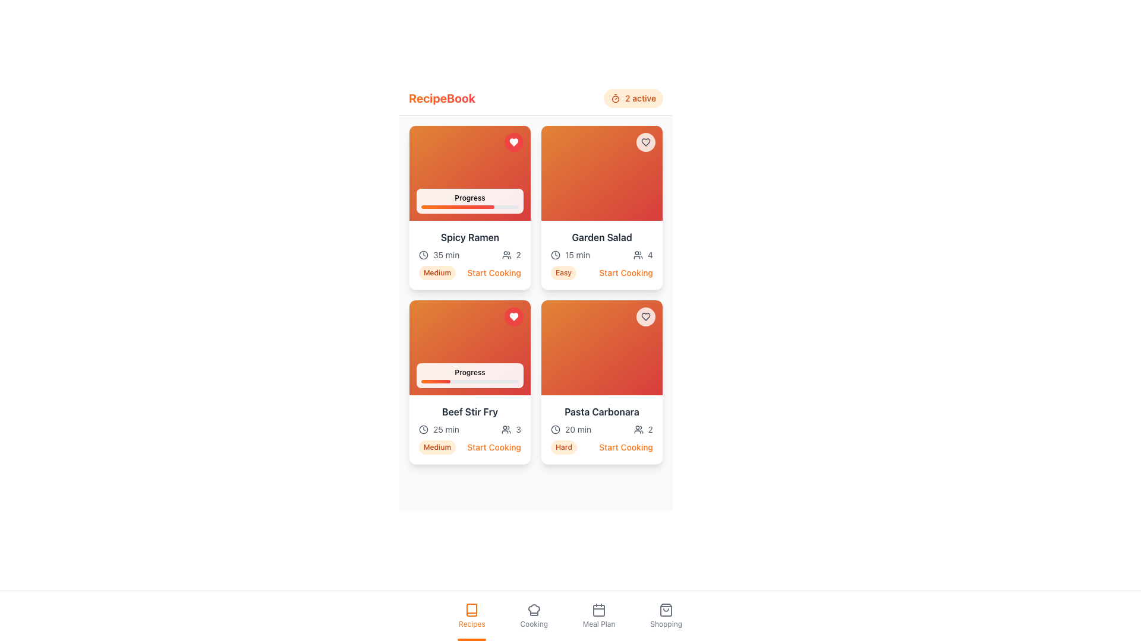 This screenshot has width=1141, height=641. I want to click on the text label displaying '20 min' with the clock icon, located in the bottom right corner of the 'Pasta Carbonara' card, so click(571, 430).